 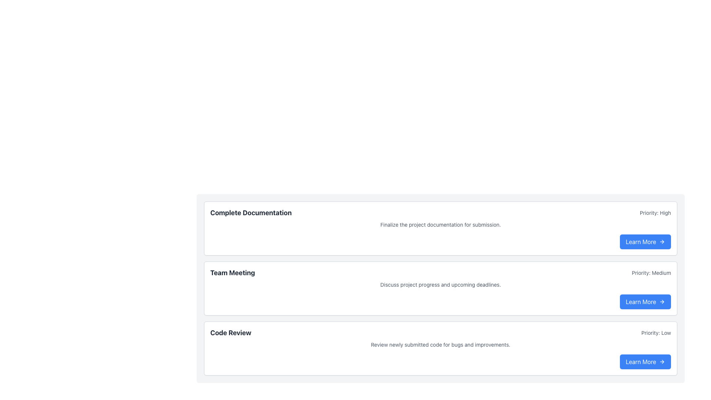 What do you see at coordinates (662, 301) in the screenshot?
I see `the arrow icon located on the right edge of the blue 'Learn More' button` at bounding box center [662, 301].